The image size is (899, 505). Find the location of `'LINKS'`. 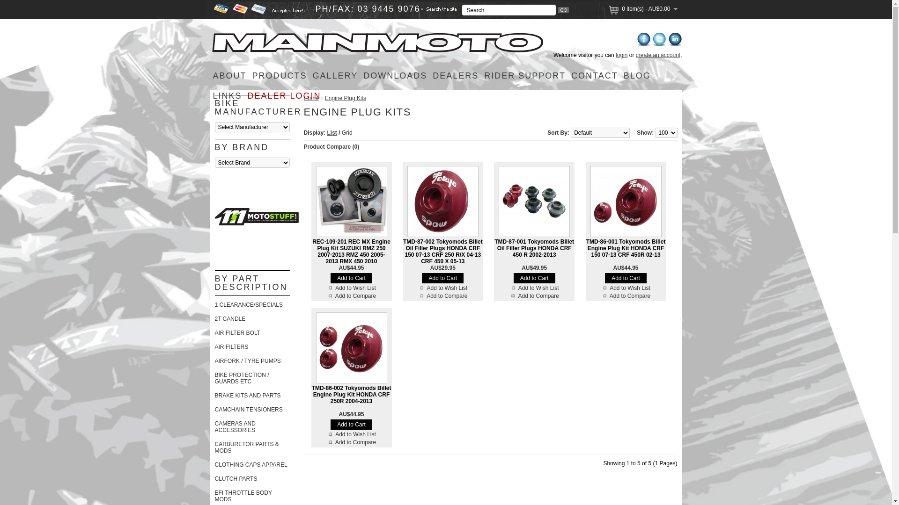

'LINKS' is located at coordinates (227, 96).